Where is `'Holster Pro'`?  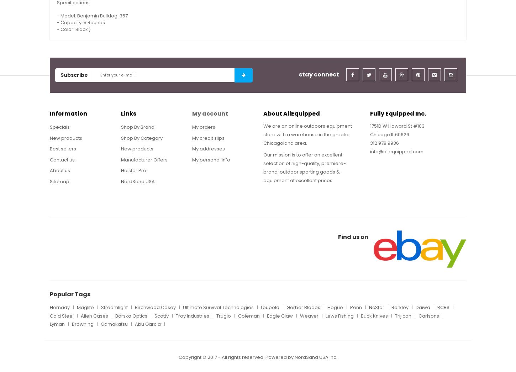 'Holster Pro' is located at coordinates (133, 170).